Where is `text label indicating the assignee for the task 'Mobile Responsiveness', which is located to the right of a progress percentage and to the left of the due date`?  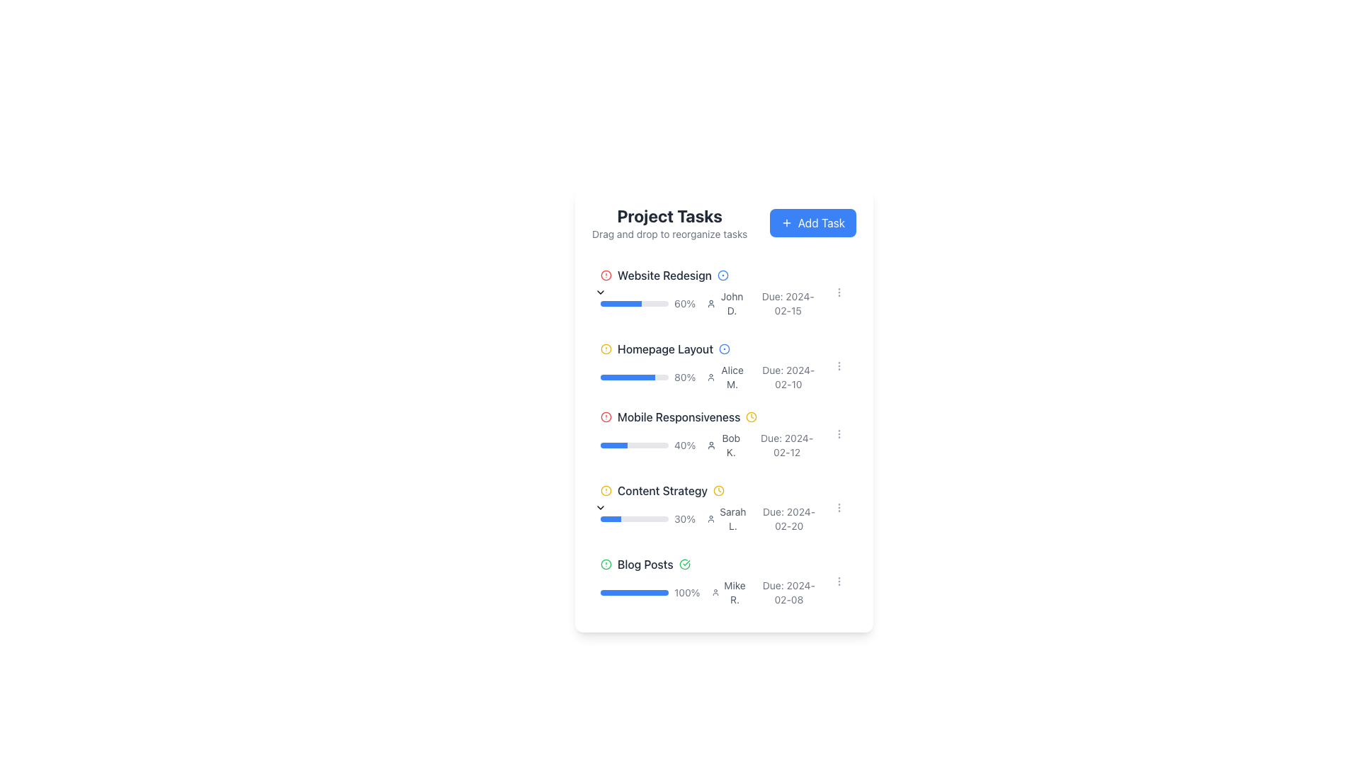
text label indicating the assignee for the task 'Mobile Responsiveness', which is located to the right of a progress percentage and to the left of the due date is located at coordinates (725, 444).